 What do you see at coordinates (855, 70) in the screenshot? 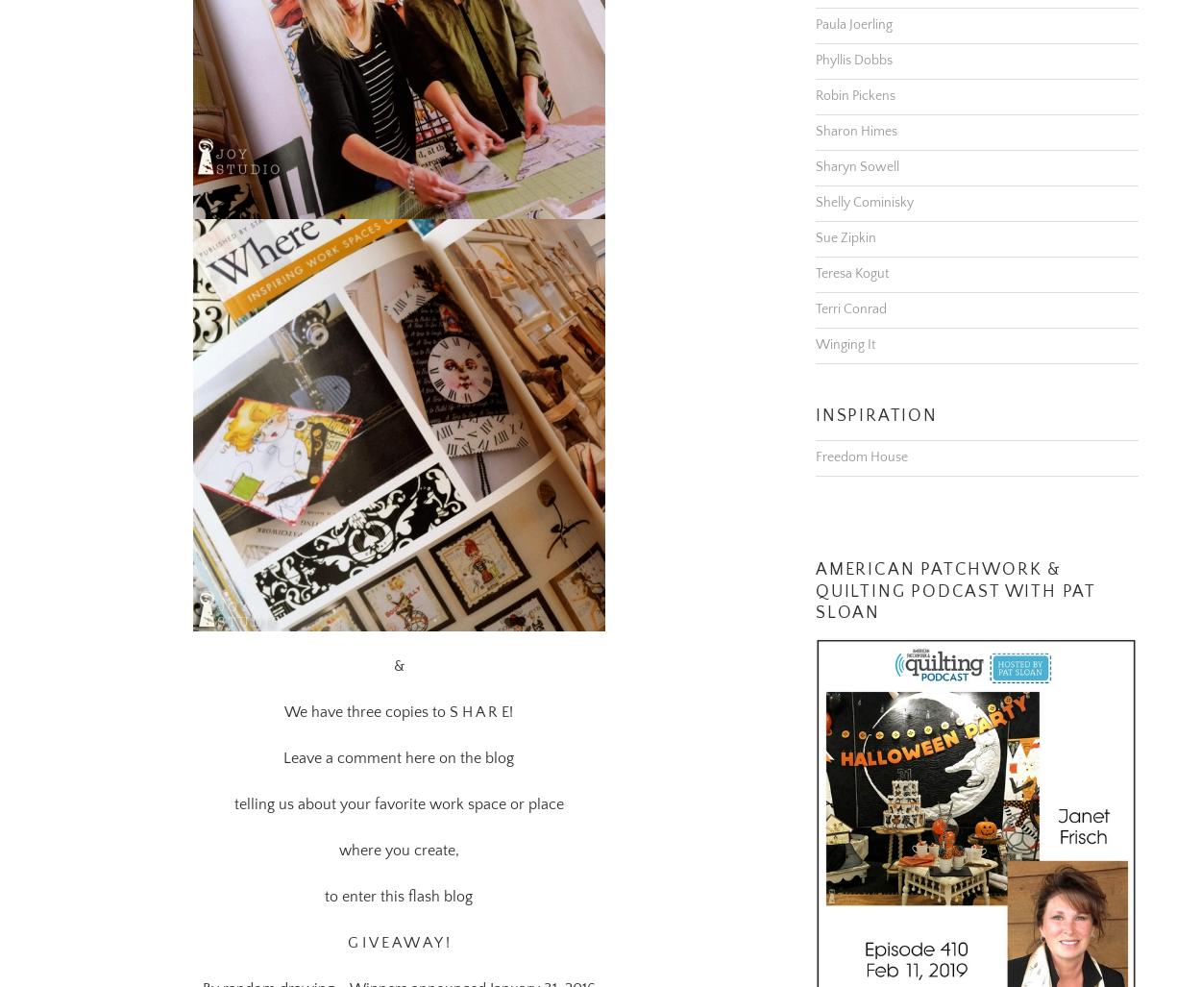
I see `'Robin Pickens'` at bounding box center [855, 70].